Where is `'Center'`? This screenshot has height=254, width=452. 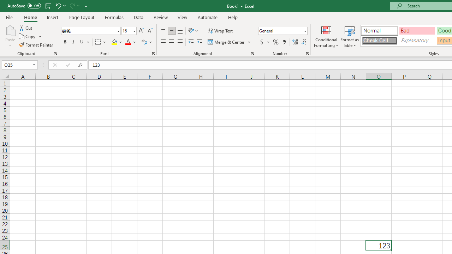 'Center' is located at coordinates (171, 42).